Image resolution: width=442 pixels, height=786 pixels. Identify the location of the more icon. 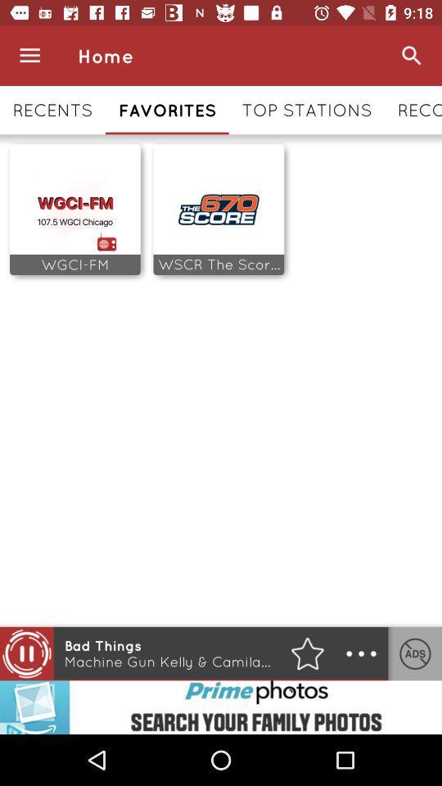
(361, 653).